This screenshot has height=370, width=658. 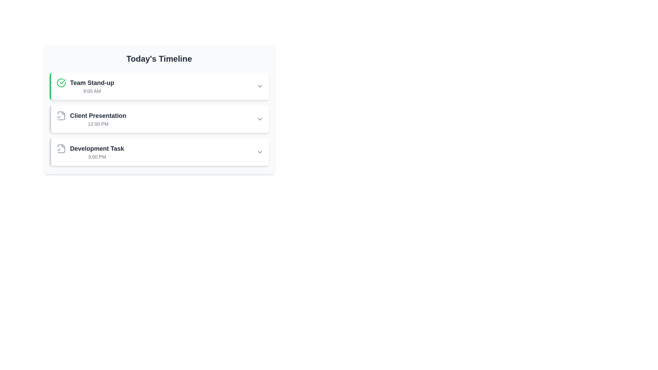 I want to click on the 'Team Stand-up' event text in the list item, which features a green circle with a checkmark icon on the left and the time '9:00 AM' on the right, so click(x=85, y=86).